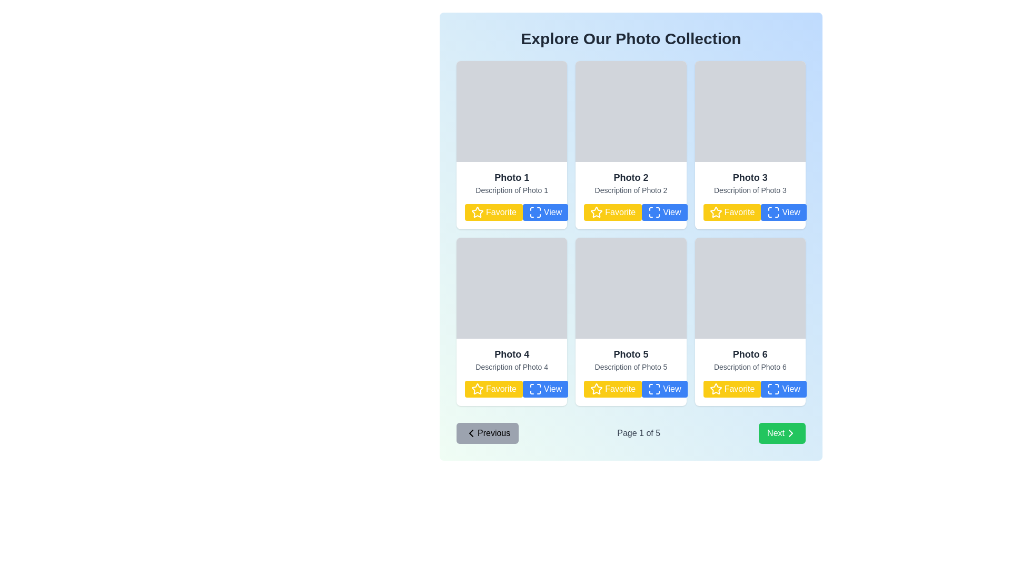  What do you see at coordinates (731, 212) in the screenshot?
I see `the 'Favorite' button with a bright yellow background and white text in the card layout of 'Photo 3'` at bounding box center [731, 212].